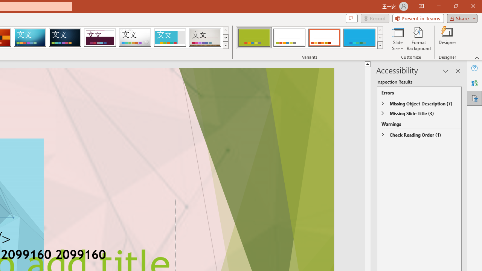 Image resolution: width=482 pixels, height=271 pixels. What do you see at coordinates (135, 38) in the screenshot?
I see `'Droplet'` at bounding box center [135, 38].